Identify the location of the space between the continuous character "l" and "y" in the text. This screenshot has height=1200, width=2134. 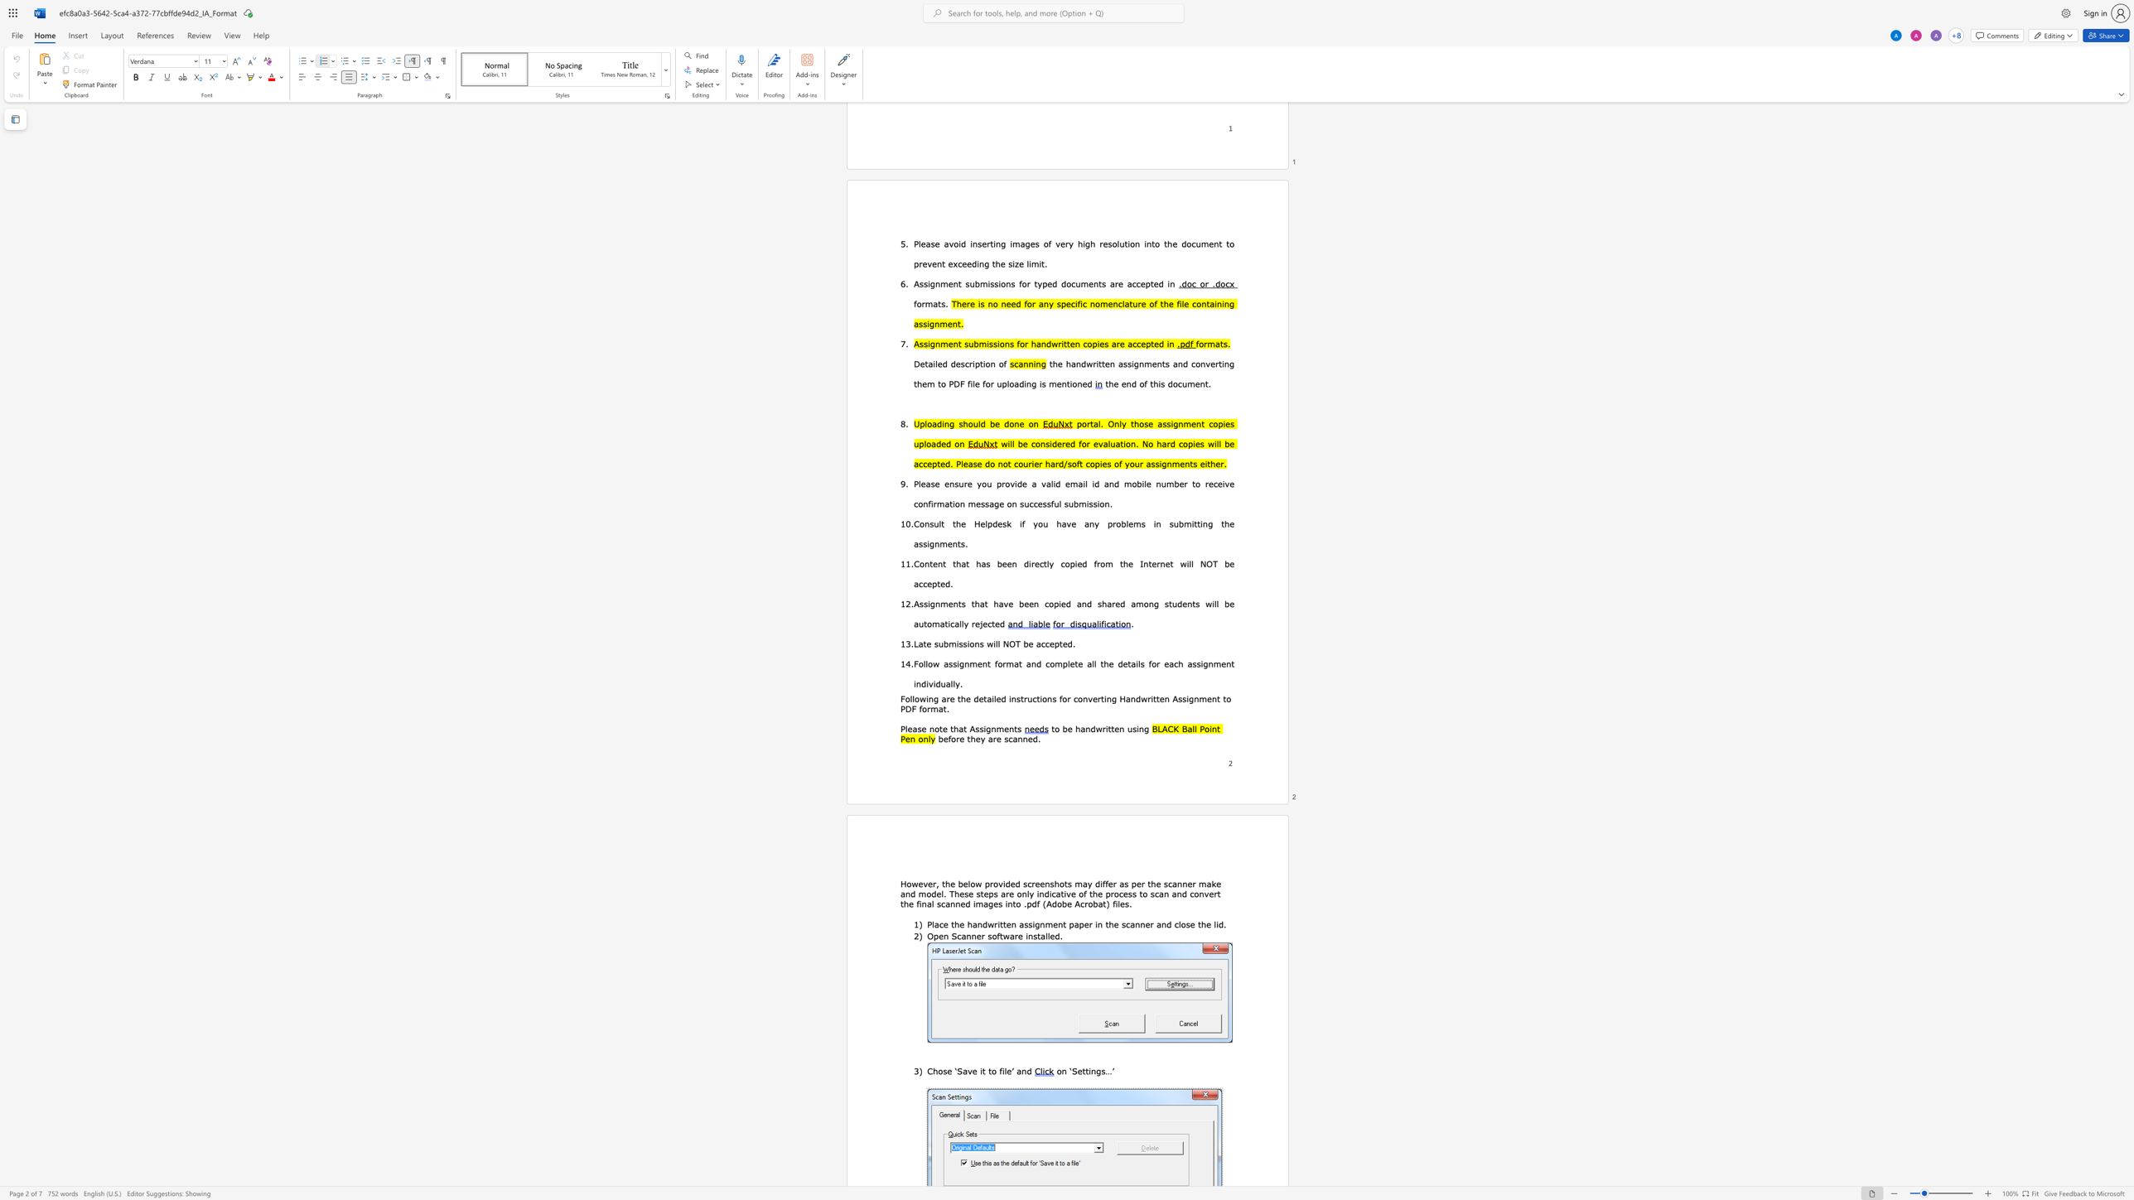
(954, 682).